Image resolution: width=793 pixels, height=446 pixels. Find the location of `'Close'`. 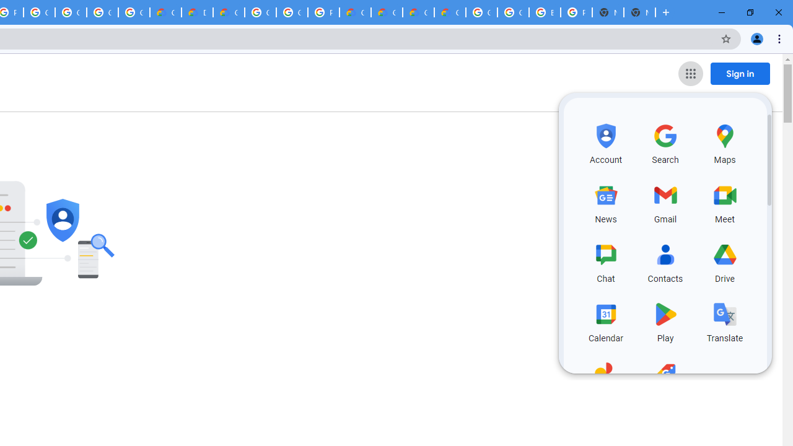

'Close' is located at coordinates (778, 12).